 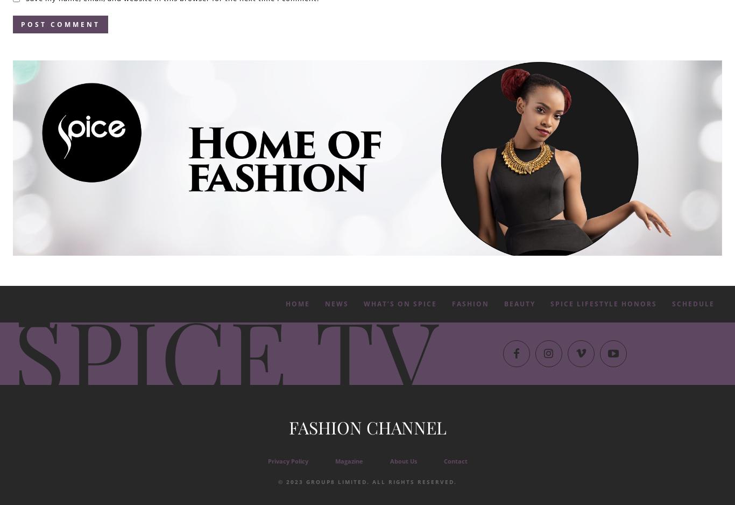 What do you see at coordinates (470, 303) in the screenshot?
I see `'Fashion'` at bounding box center [470, 303].